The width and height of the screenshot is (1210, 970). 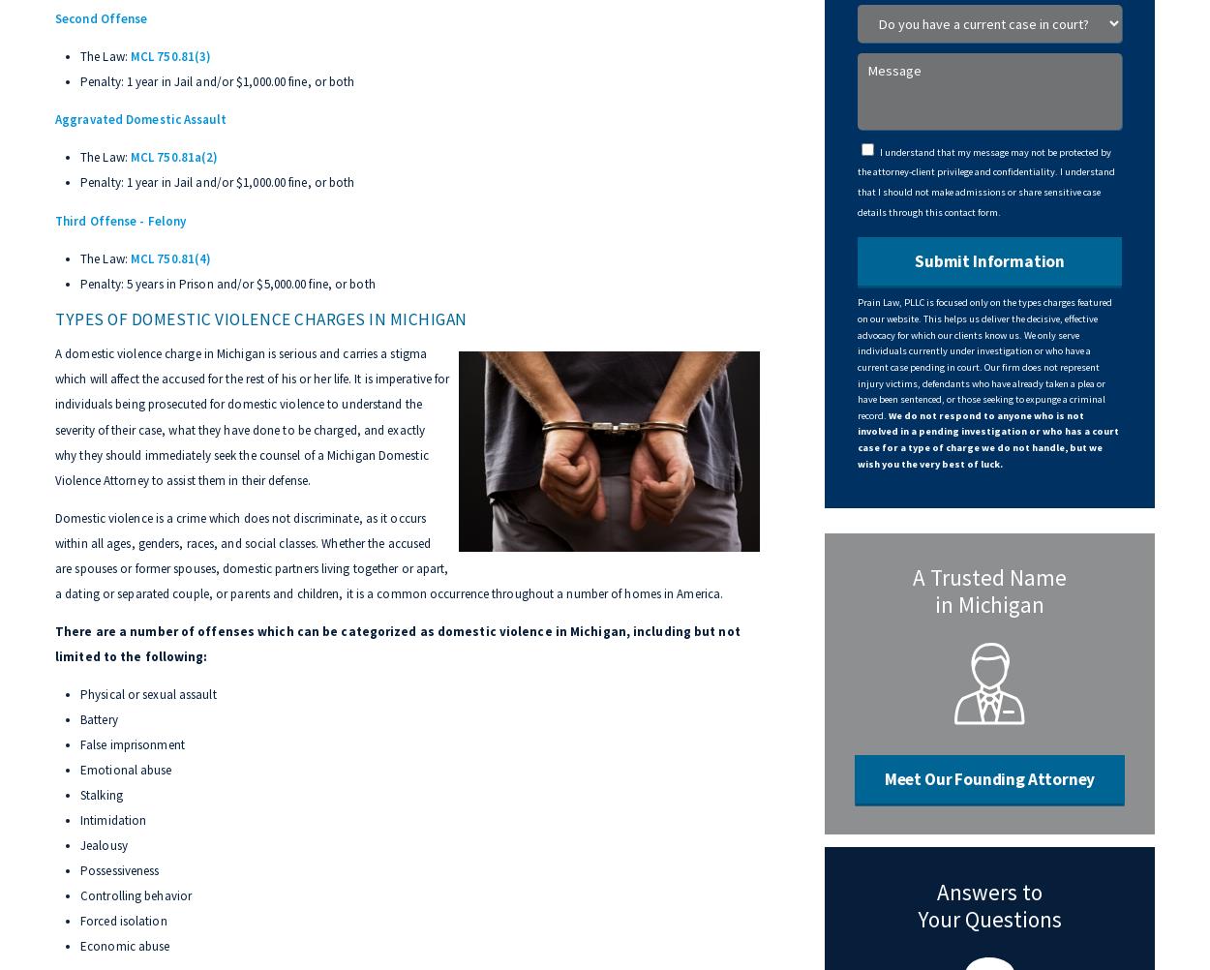 What do you see at coordinates (103, 844) in the screenshot?
I see `'Jealousy'` at bounding box center [103, 844].